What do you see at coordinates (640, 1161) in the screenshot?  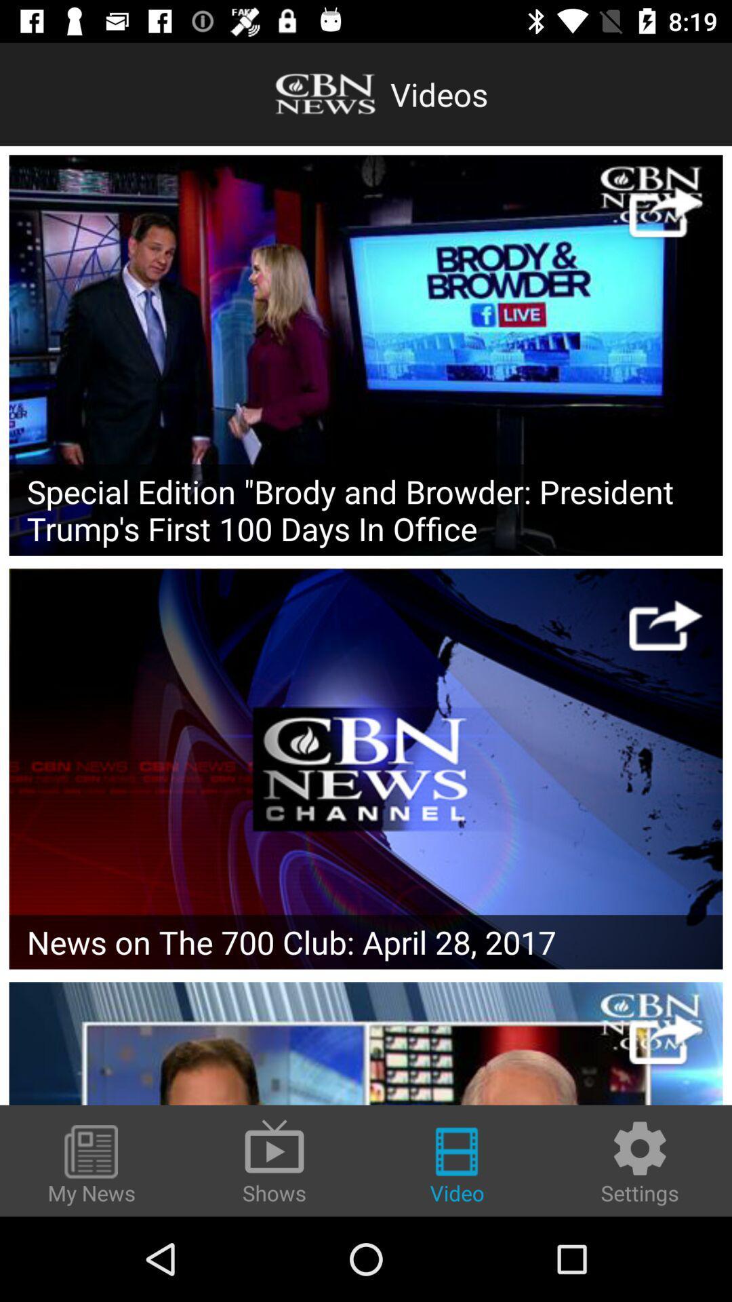 I see `settings icon` at bounding box center [640, 1161].